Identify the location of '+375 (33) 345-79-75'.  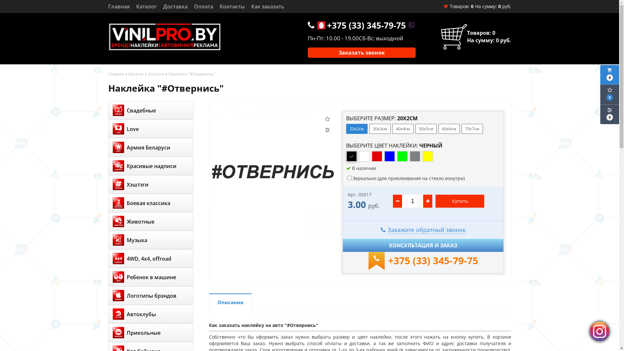
(366, 25).